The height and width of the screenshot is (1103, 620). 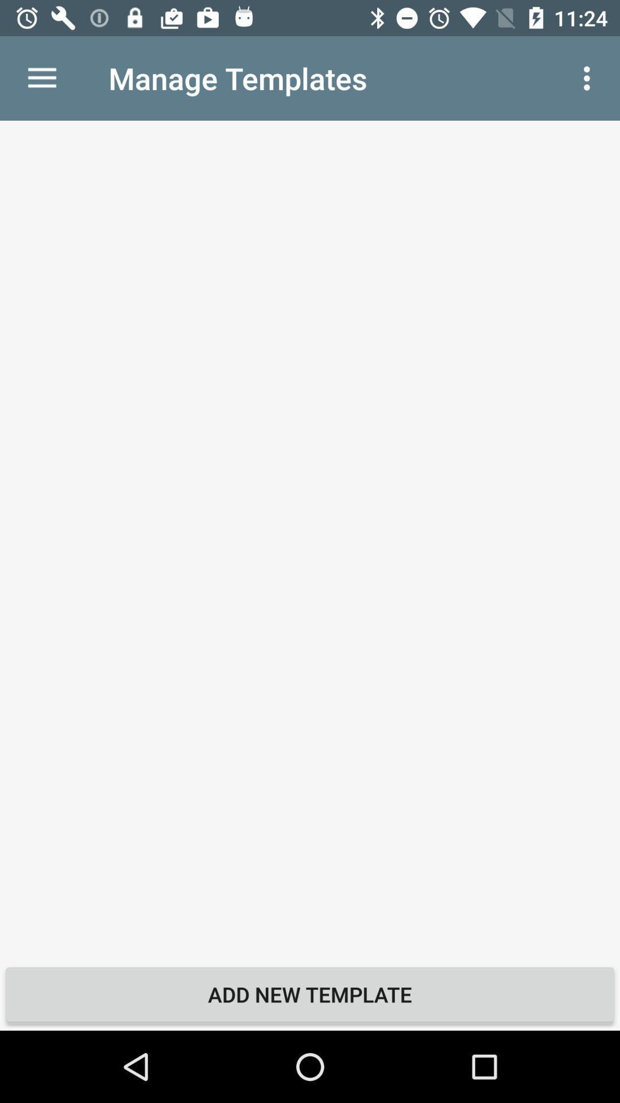 What do you see at coordinates (590, 78) in the screenshot?
I see `item at the top right corner` at bounding box center [590, 78].